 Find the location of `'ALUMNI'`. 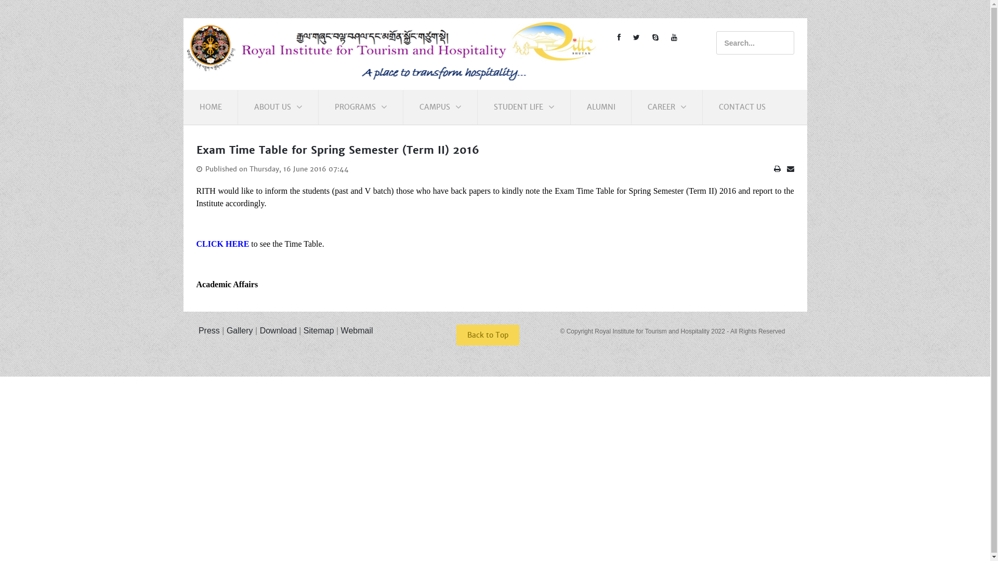

'ALUMNI' is located at coordinates (600, 107).